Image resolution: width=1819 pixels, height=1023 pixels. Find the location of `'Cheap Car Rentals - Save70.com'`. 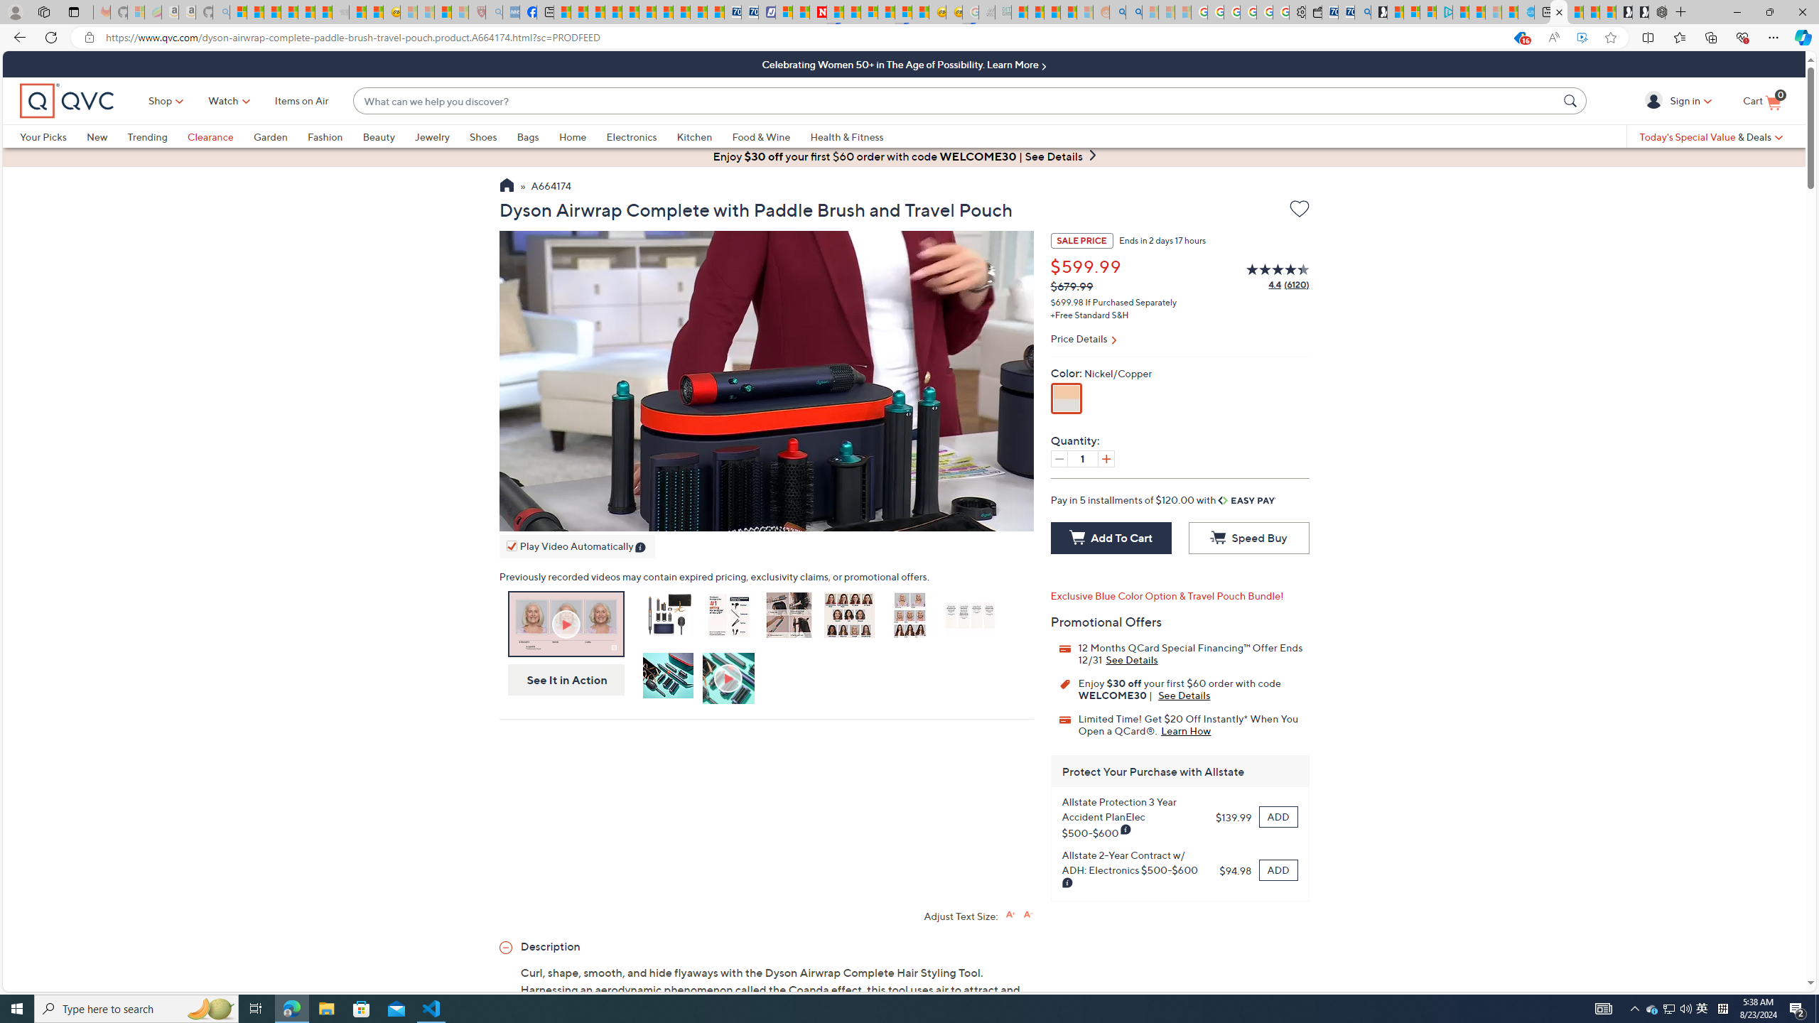

'Cheap Car Rentals - Save70.com' is located at coordinates (1345, 11).